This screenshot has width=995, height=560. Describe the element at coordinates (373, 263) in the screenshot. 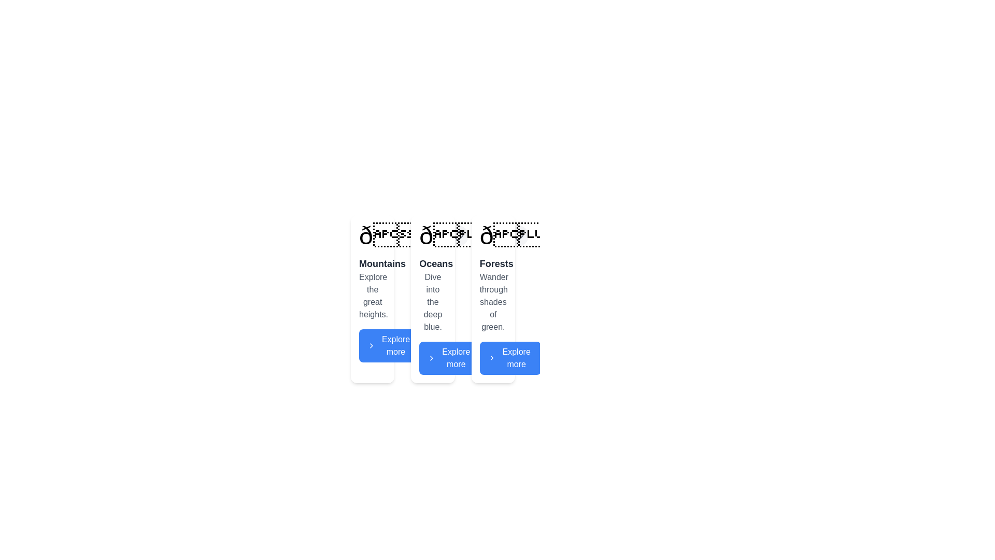

I see `main title text related to 'Mountains' located in the first card of a horizontally aligned list of cards` at that location.